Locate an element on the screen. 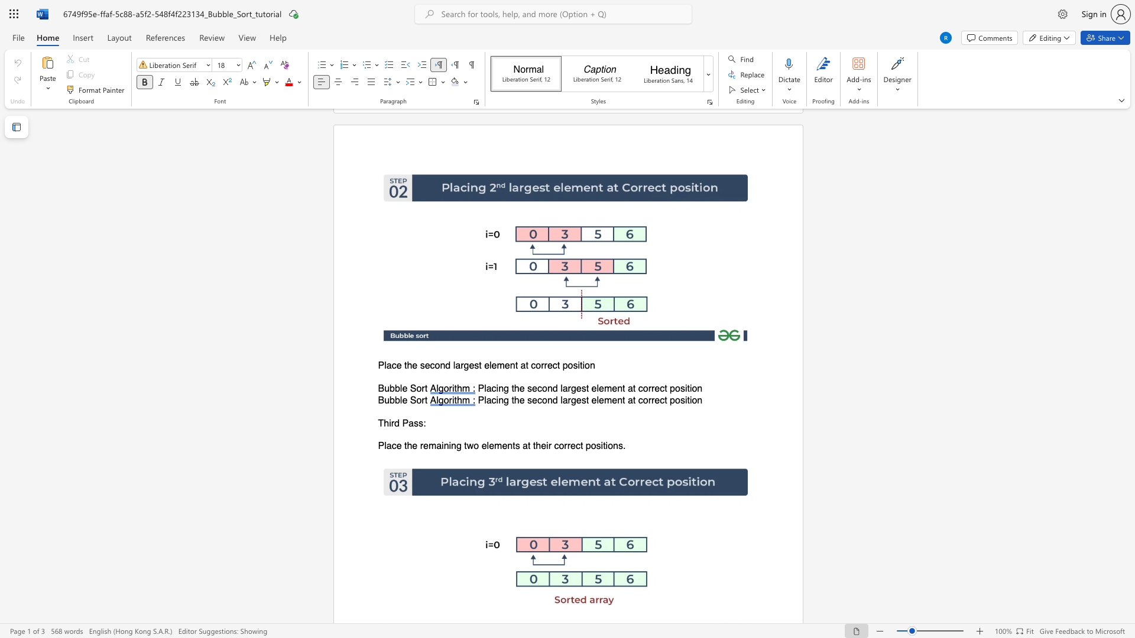 The width and height of the screenshot is (1135, 638). the subset text "rt" within the text "Bubble Sort" is located at coordinates (421, 399).